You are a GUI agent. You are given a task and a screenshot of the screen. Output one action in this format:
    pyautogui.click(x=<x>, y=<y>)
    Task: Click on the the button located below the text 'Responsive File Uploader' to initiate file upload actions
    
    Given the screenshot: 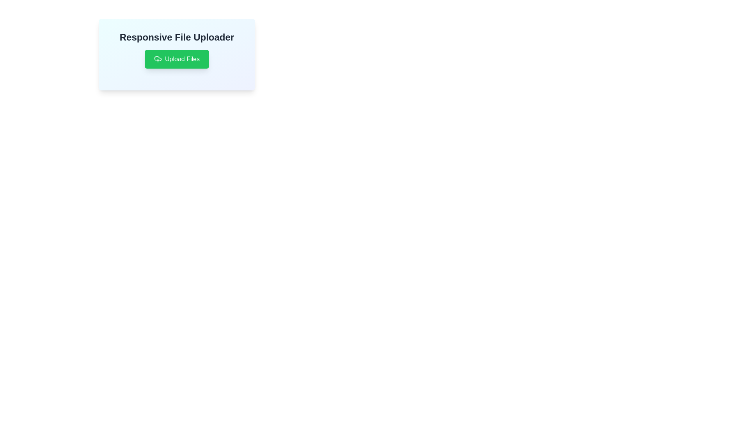 What is the action you would take?
    pyautogui.click(x=176, y=58)
    